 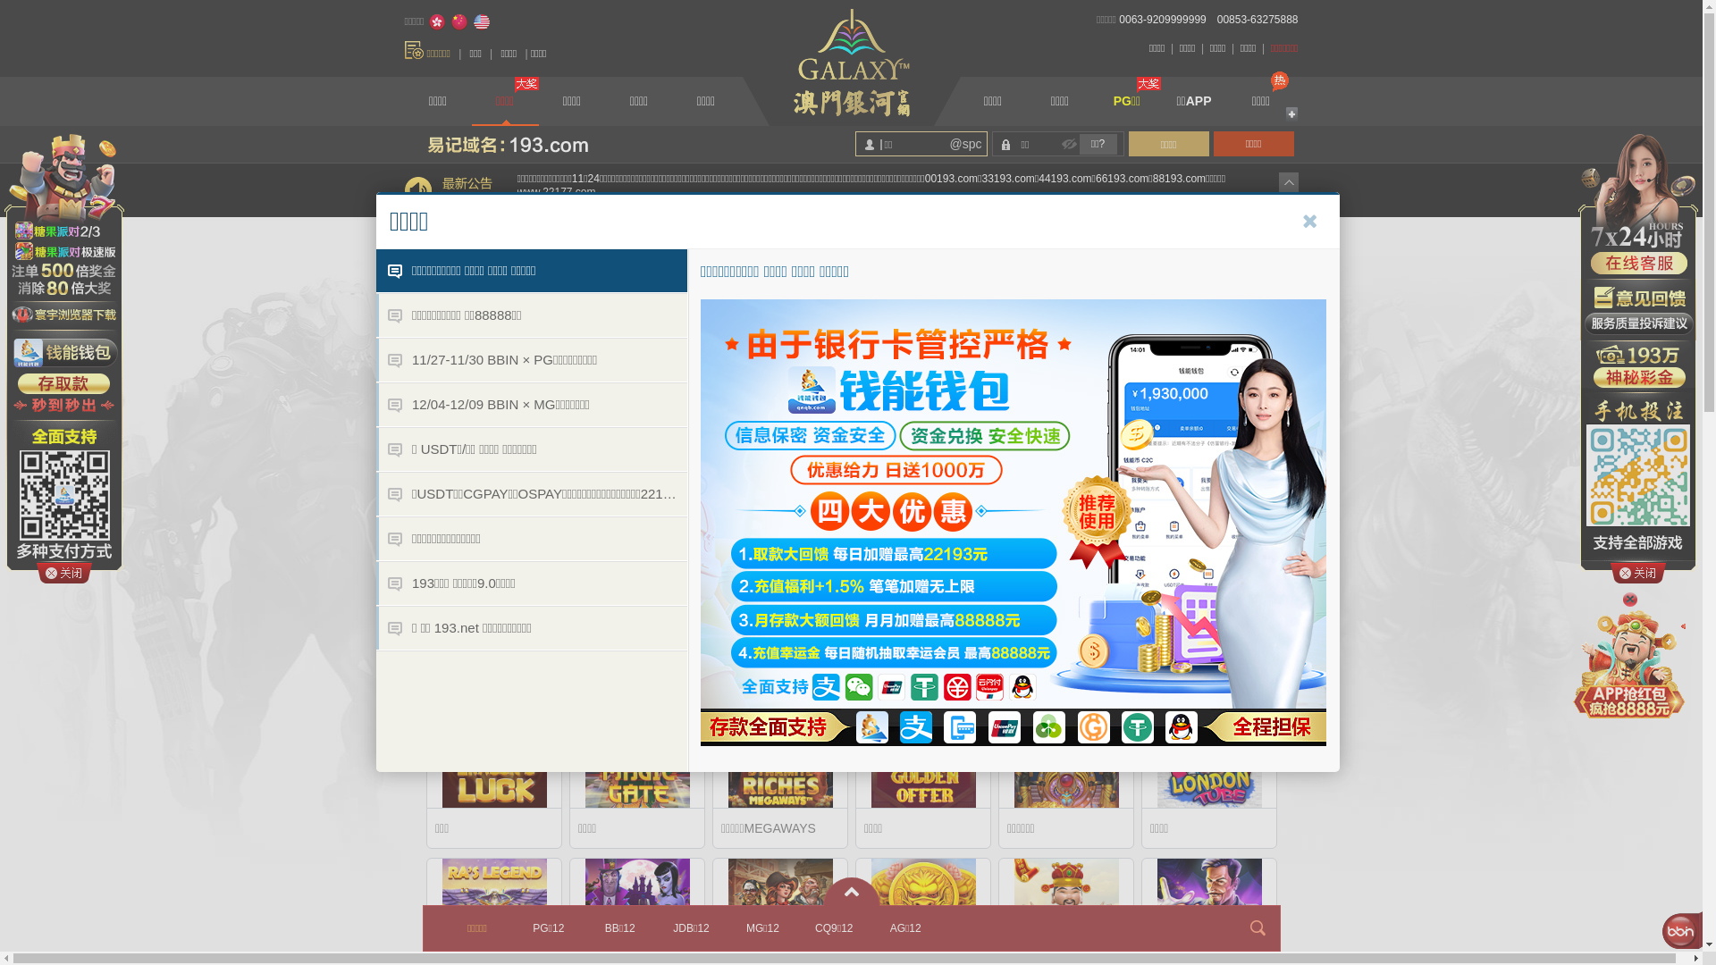 I want to click on 'English', so click(x=481, y=21).